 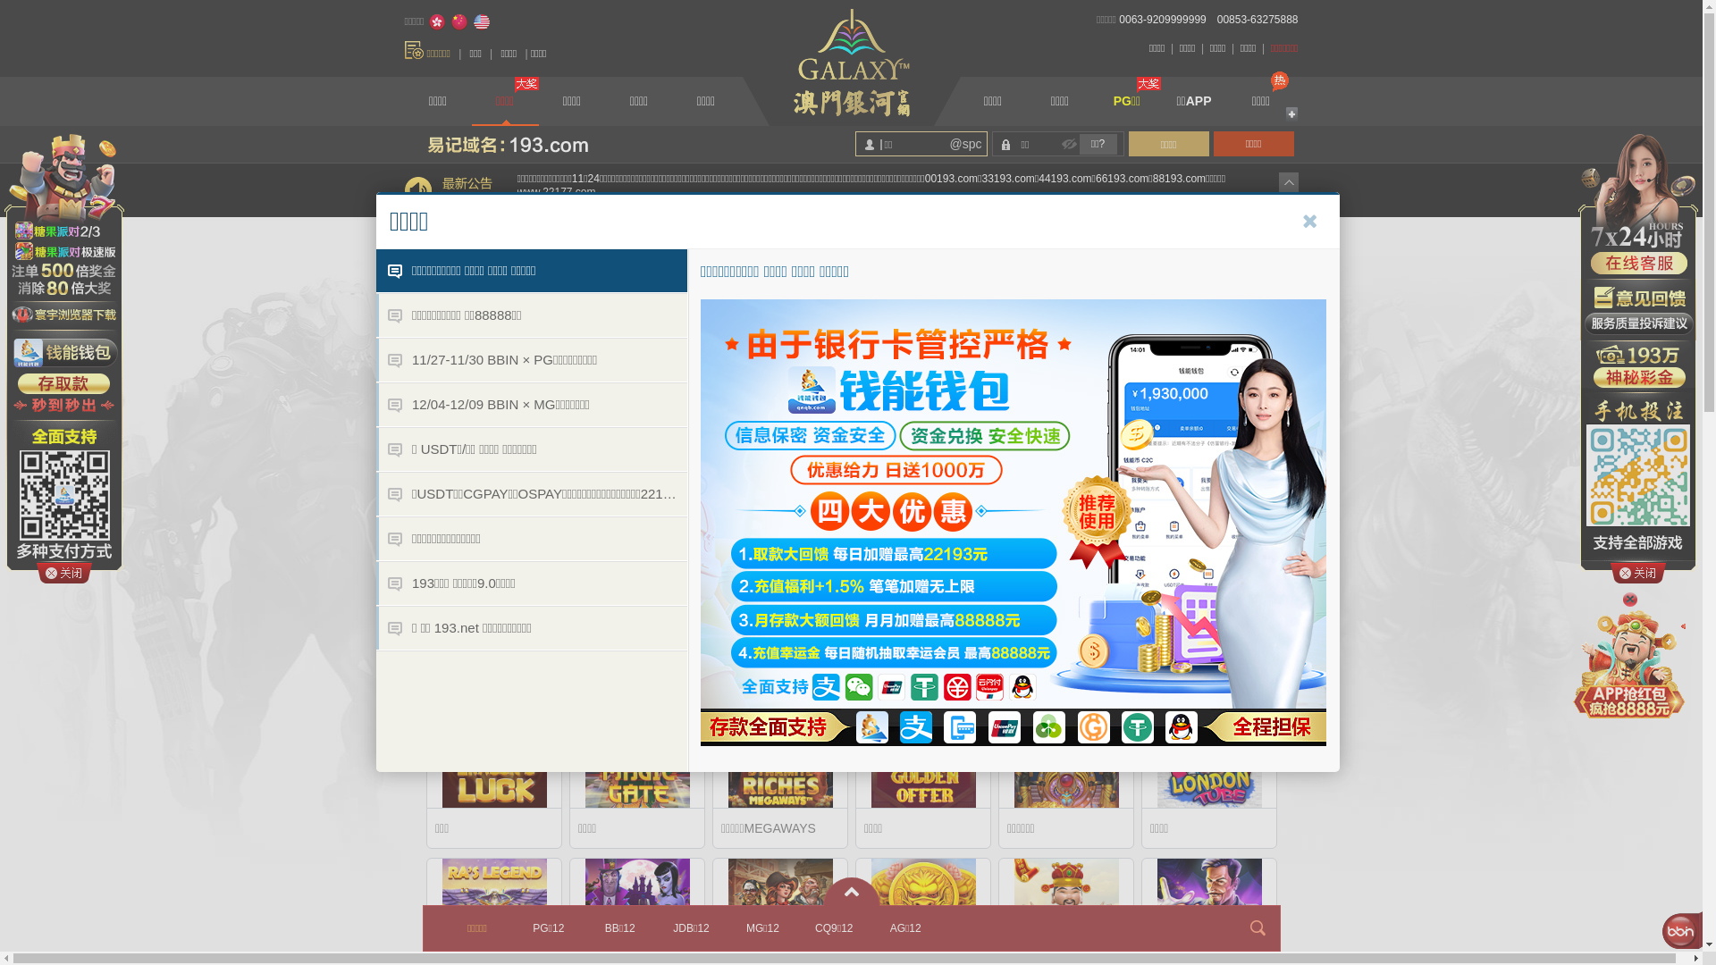 I want to click on 'English', so click(x=481, y=21).